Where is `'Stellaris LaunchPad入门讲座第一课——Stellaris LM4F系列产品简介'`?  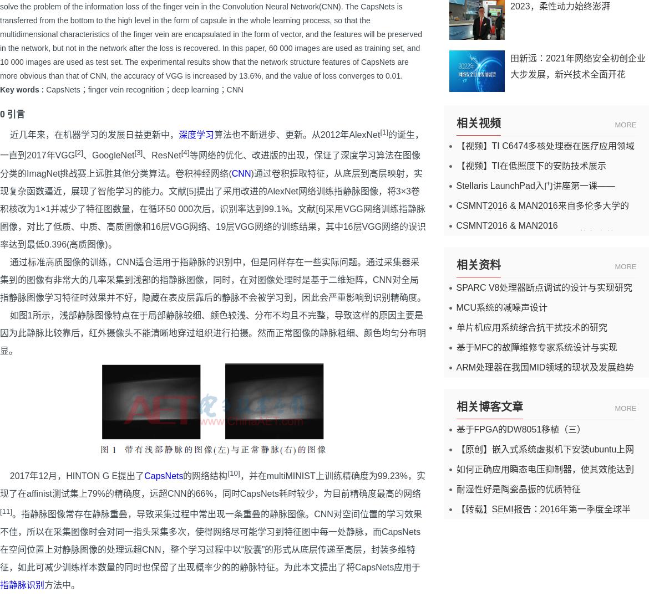 'Stellaris LaunchPad入门讲座第一课——Stellaris LM4F系列产品简介' is located at coordinates (535, 189).